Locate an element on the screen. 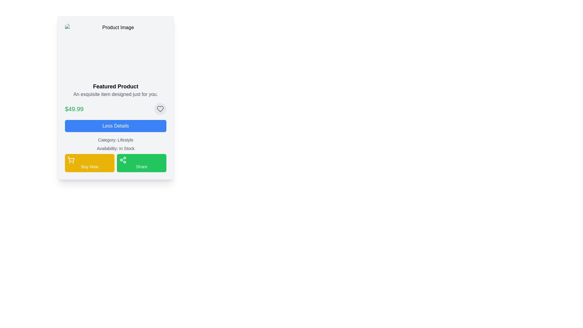  the text element displaying the price '$49.99' which is styled in green and has a larger font size, positioned below the product description and aligned to the left is located at coordinates (74, 108).